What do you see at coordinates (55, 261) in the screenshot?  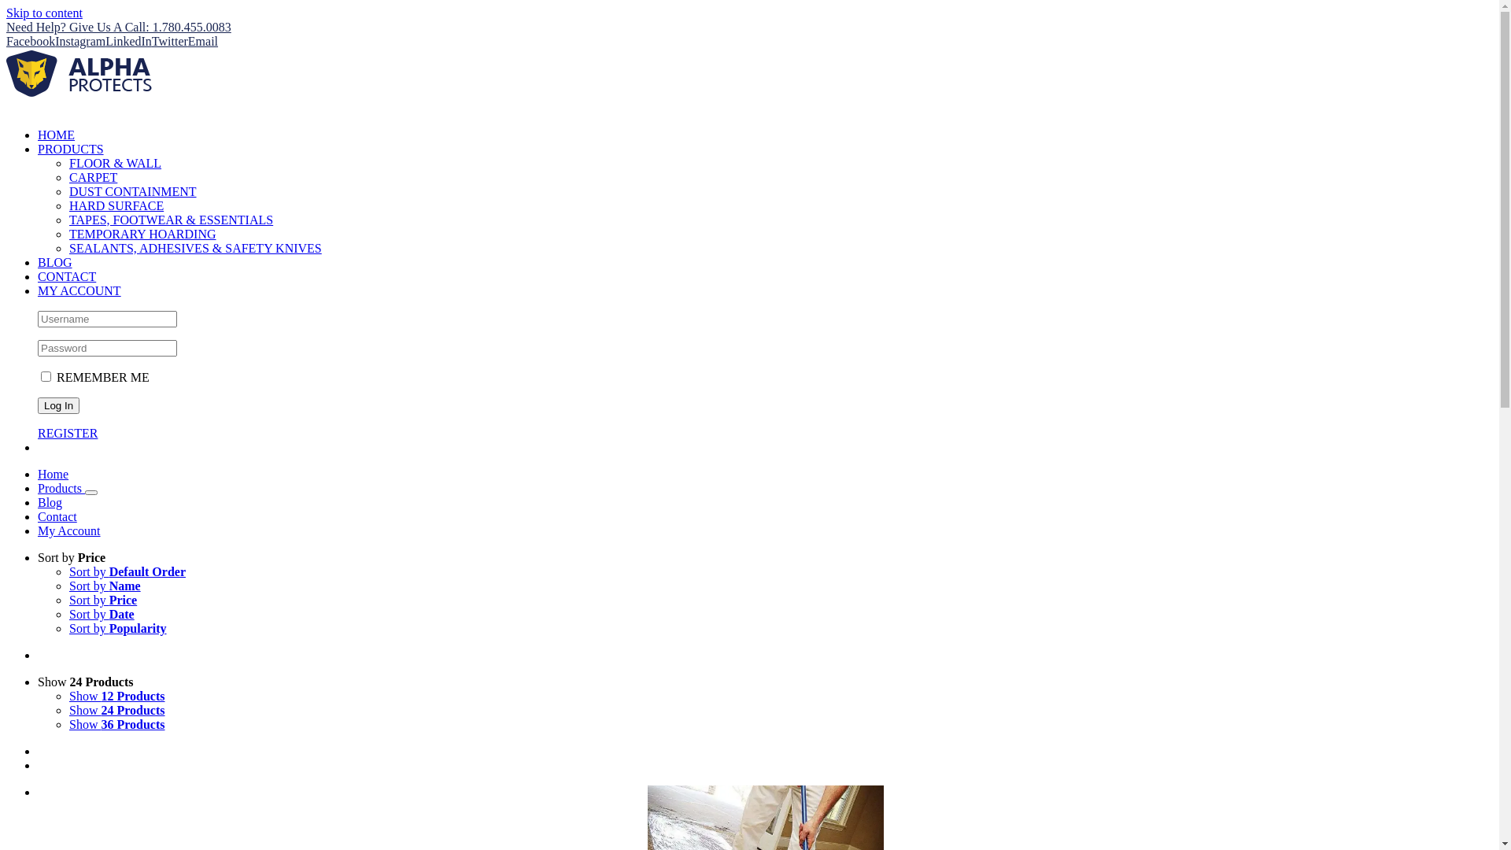 I see `'BLOG'` at bounding box center [55, 261].